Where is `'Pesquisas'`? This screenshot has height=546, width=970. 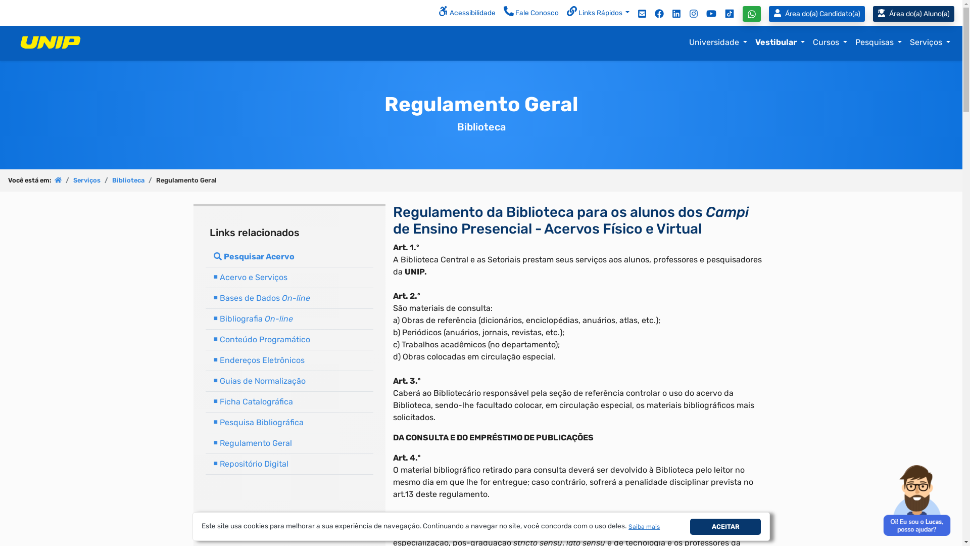
'Pesquisas' is located at coordinates (850, 42).